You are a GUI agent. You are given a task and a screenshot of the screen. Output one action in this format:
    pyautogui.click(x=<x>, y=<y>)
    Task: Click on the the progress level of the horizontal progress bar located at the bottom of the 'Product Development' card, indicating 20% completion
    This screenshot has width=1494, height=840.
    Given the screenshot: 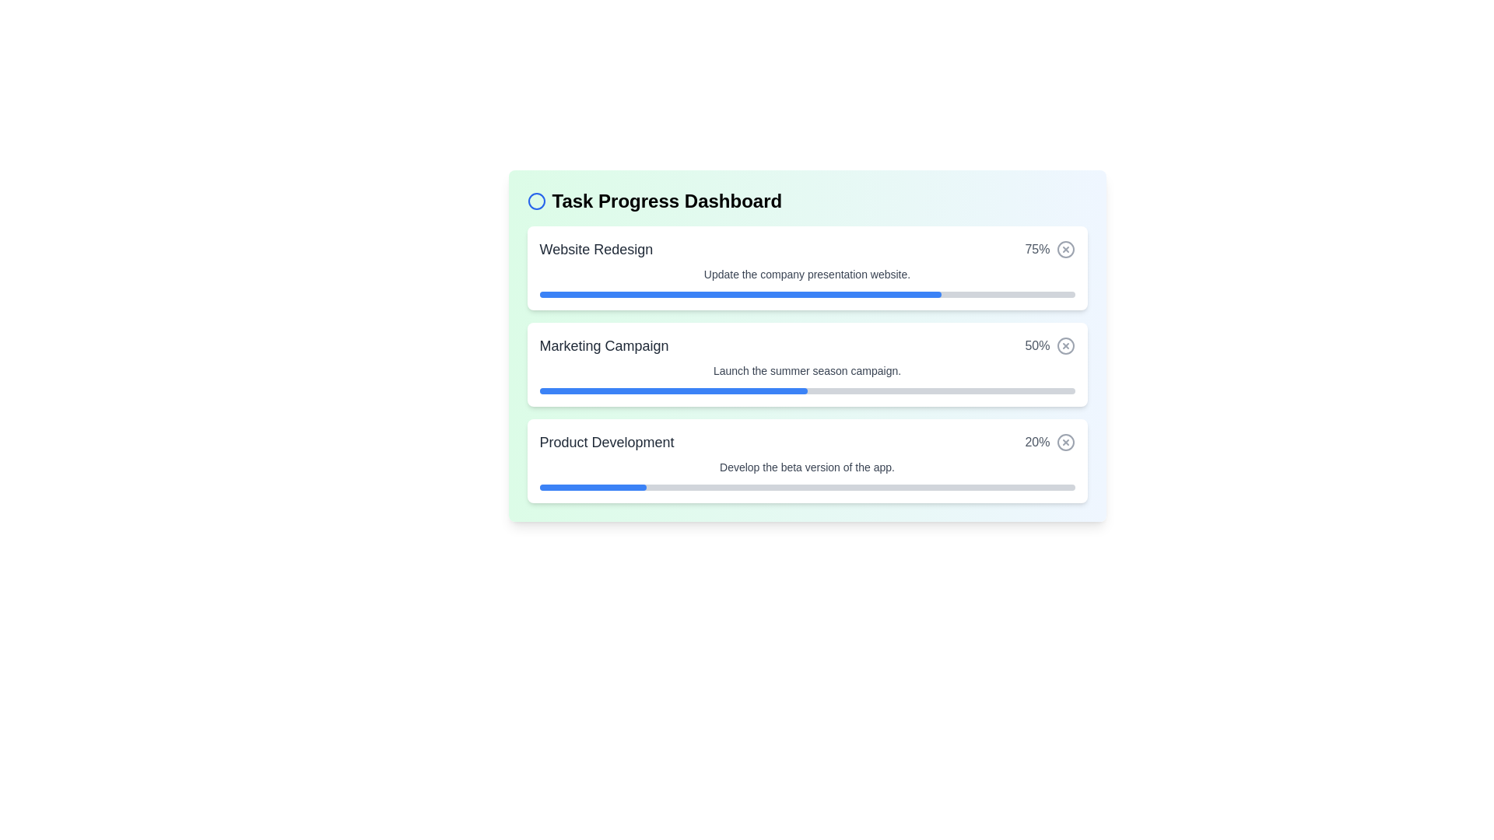 What is the action you would take?
    pyautogui.click(x=807, y=487)
    